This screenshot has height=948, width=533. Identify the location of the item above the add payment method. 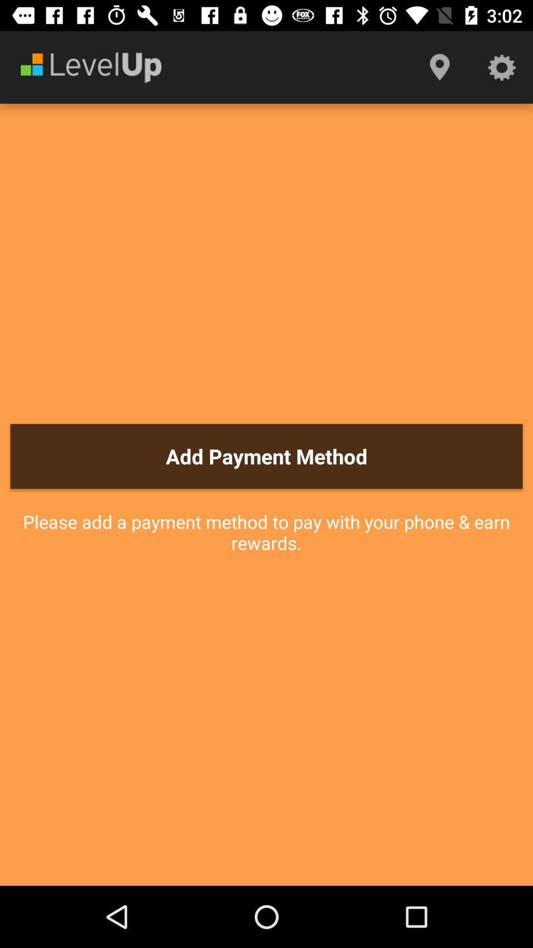
(502, 67).